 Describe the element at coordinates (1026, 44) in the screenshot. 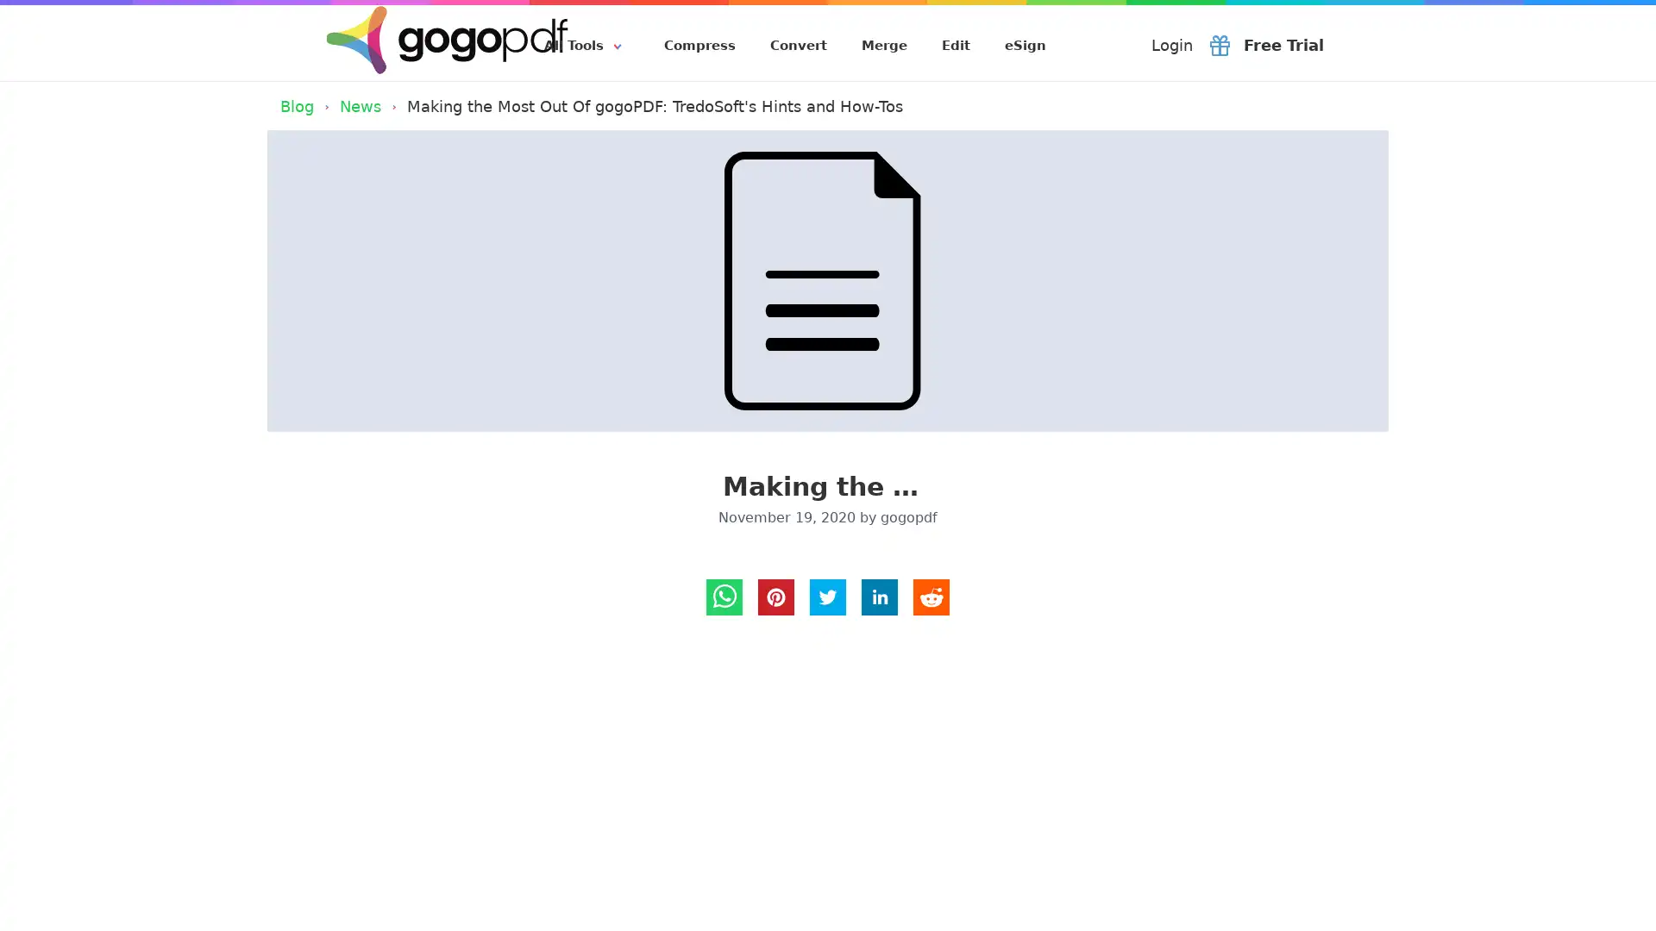

I see `eSign` at that location.